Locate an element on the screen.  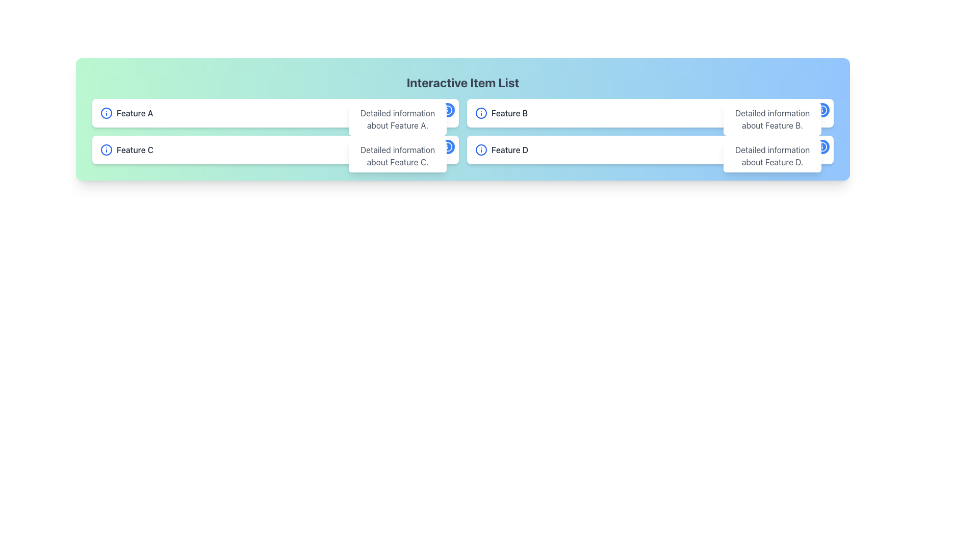
the information icon represented by a blue circle with a white center, located to the left of the text 'Feature C' is located at coordinates (107, 149).